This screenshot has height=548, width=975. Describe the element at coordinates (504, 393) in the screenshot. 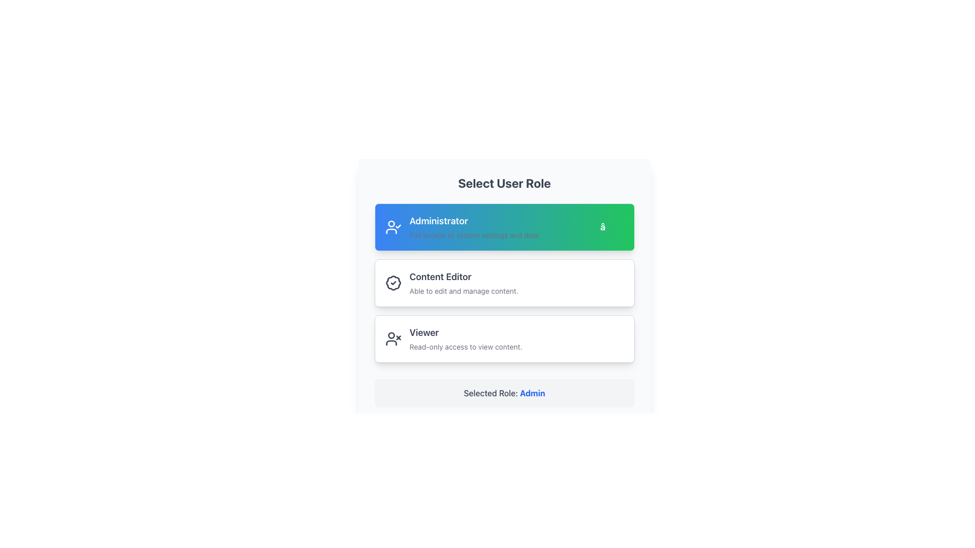

I see `the text label displaying 'Selected Role: Admin', which is styled with a gray font for 'Selected Role:' and bold blue for 'Admin', located at the bottom of the interface` at that location.